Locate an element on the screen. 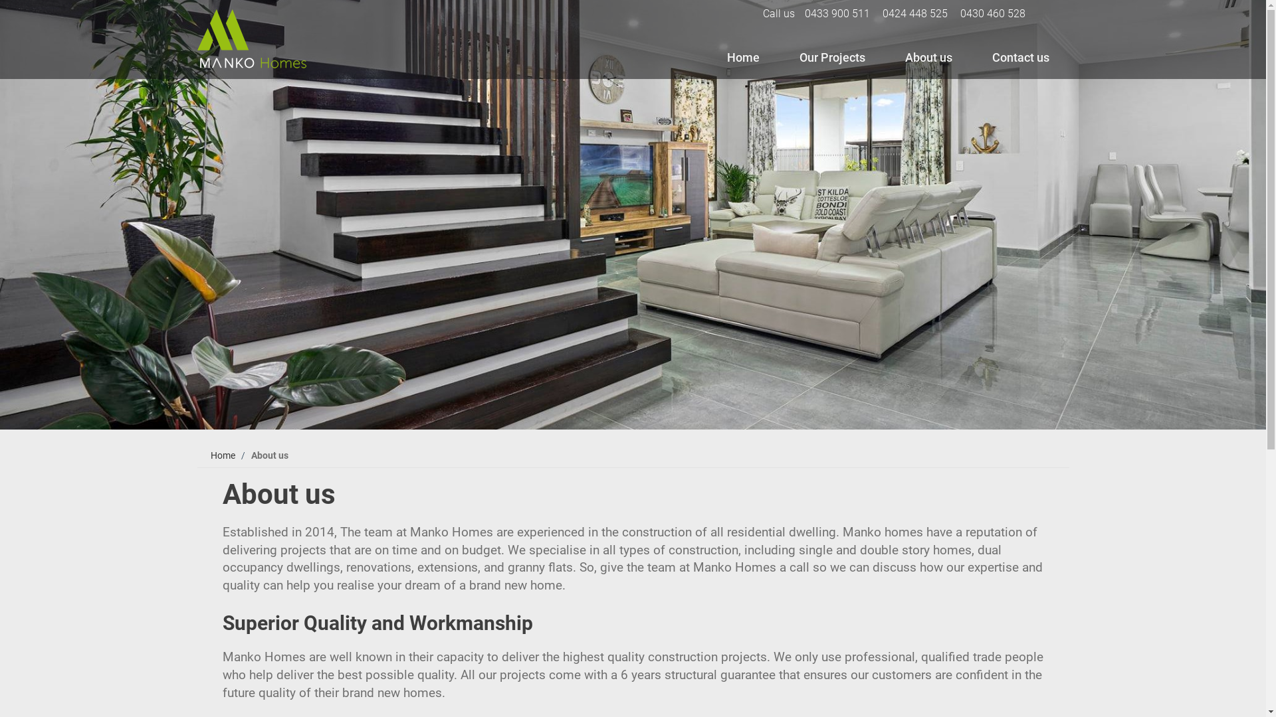  'Contact us' is located at coordinates (985, 57).